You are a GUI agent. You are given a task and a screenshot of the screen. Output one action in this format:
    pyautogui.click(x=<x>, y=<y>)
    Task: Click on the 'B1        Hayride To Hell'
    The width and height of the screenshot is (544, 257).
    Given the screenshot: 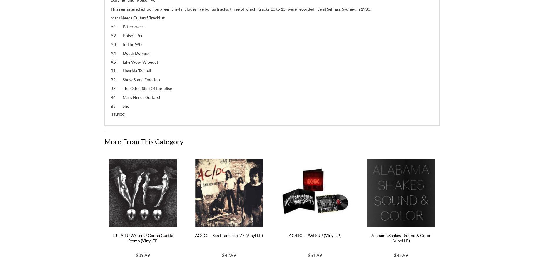 What is the action you would take?
    pyautogui.click(x=130, y=70)
    